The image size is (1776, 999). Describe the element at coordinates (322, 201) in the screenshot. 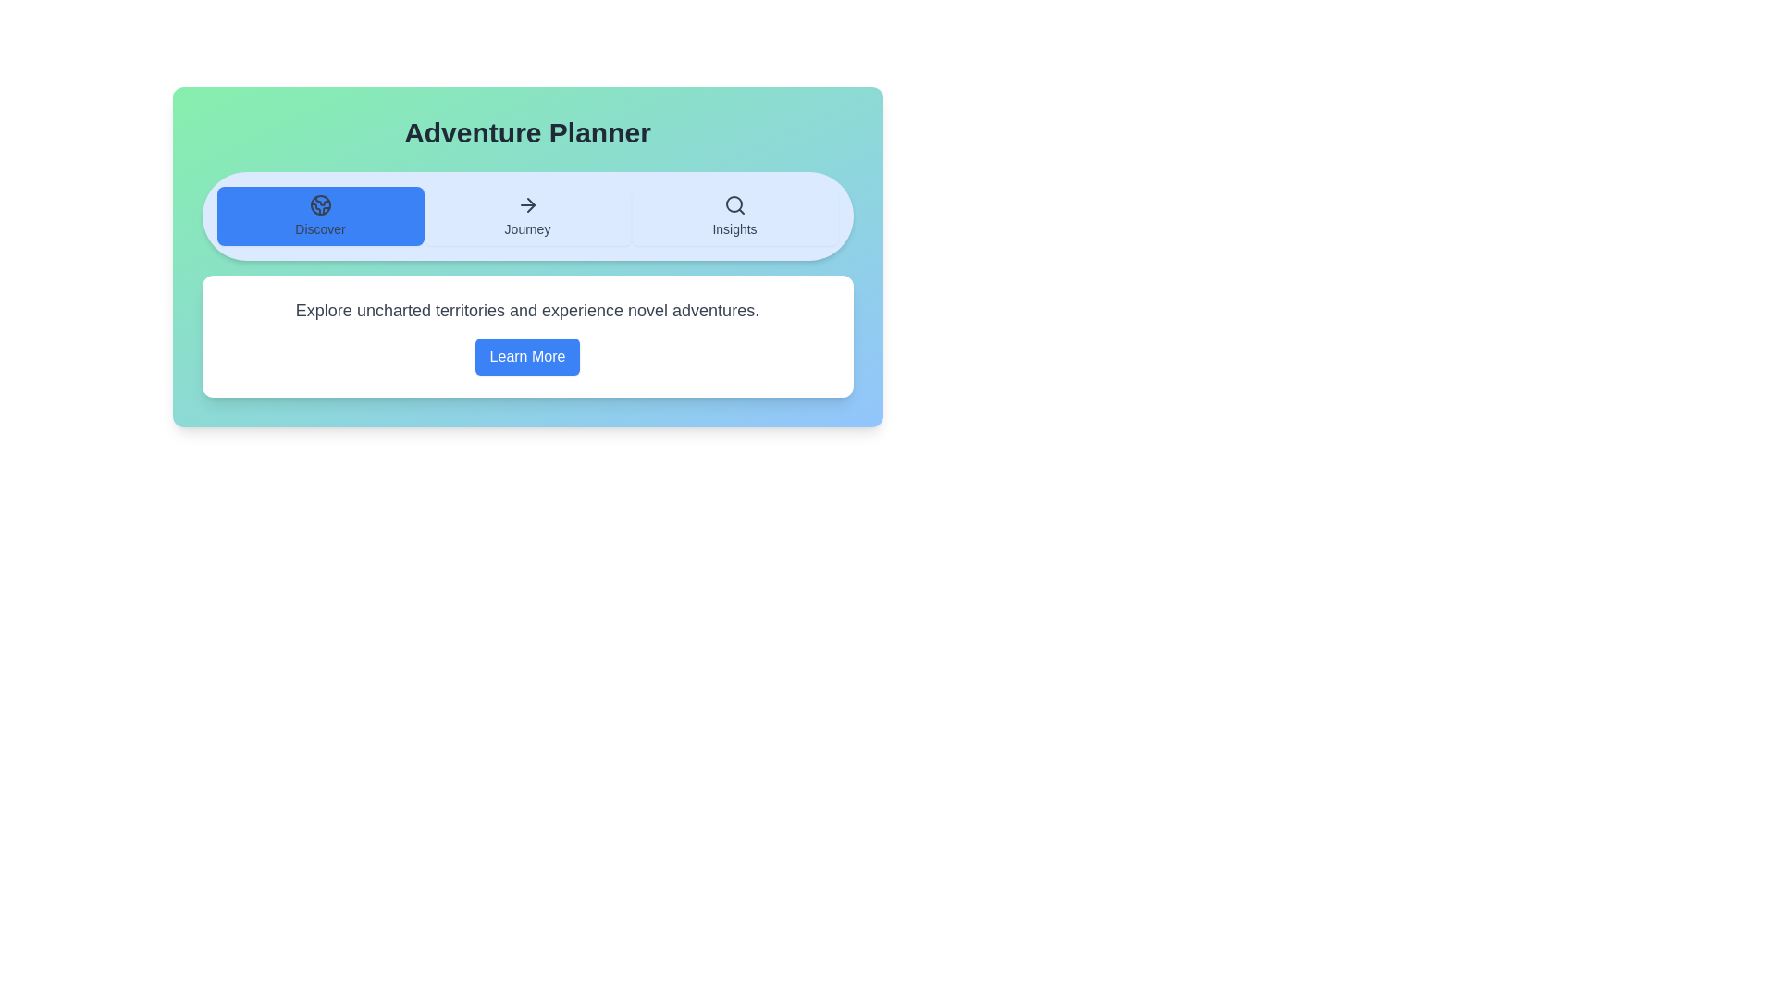

I see `the small graphical icon resembling an abstract representation of the Earth, located within the upper center portion of the blue button labeled 'Discover'` at that location.